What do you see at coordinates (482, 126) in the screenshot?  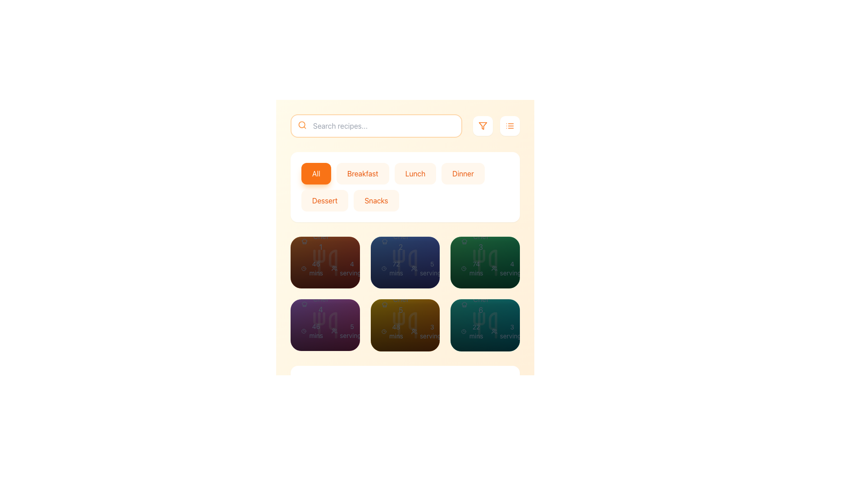 I see `the small square button with a rounded-corner design, featuring a white background and an orange filter icon, located to the right of the search input box in the top portion of the interface` at bounding box center [482, 126].